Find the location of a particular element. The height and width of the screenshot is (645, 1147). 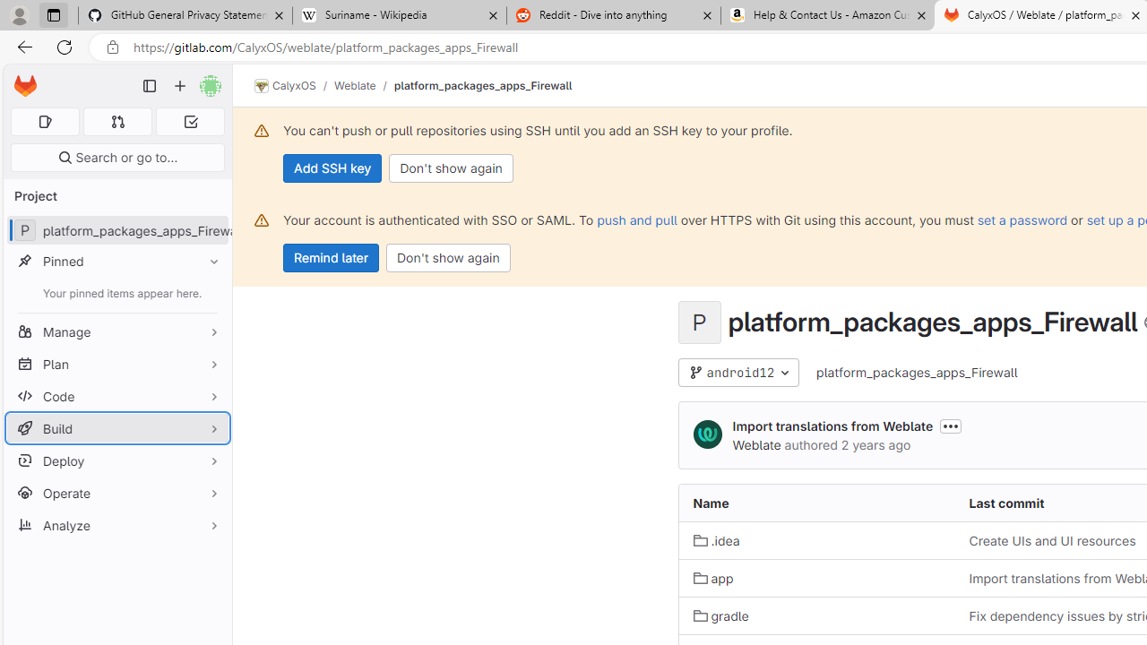

'Operate' is located at coordinates (116, 493).